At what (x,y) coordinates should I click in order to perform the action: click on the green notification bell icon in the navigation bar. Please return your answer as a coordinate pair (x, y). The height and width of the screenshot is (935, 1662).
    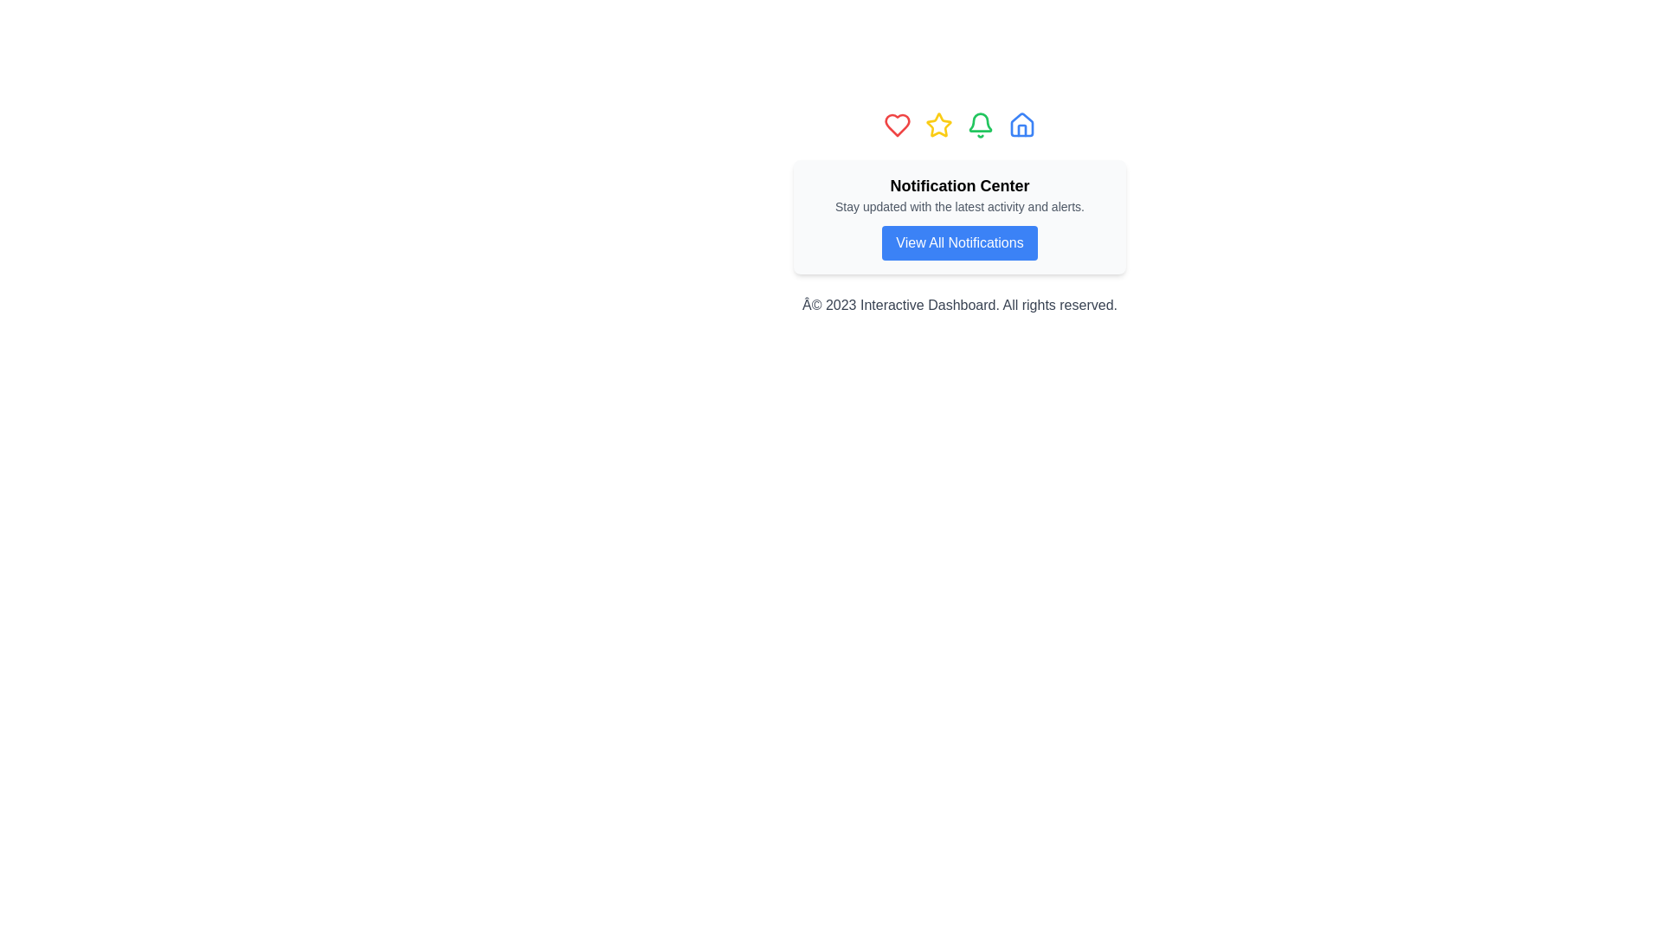
    Looking at the image, I should click on (980, 121).